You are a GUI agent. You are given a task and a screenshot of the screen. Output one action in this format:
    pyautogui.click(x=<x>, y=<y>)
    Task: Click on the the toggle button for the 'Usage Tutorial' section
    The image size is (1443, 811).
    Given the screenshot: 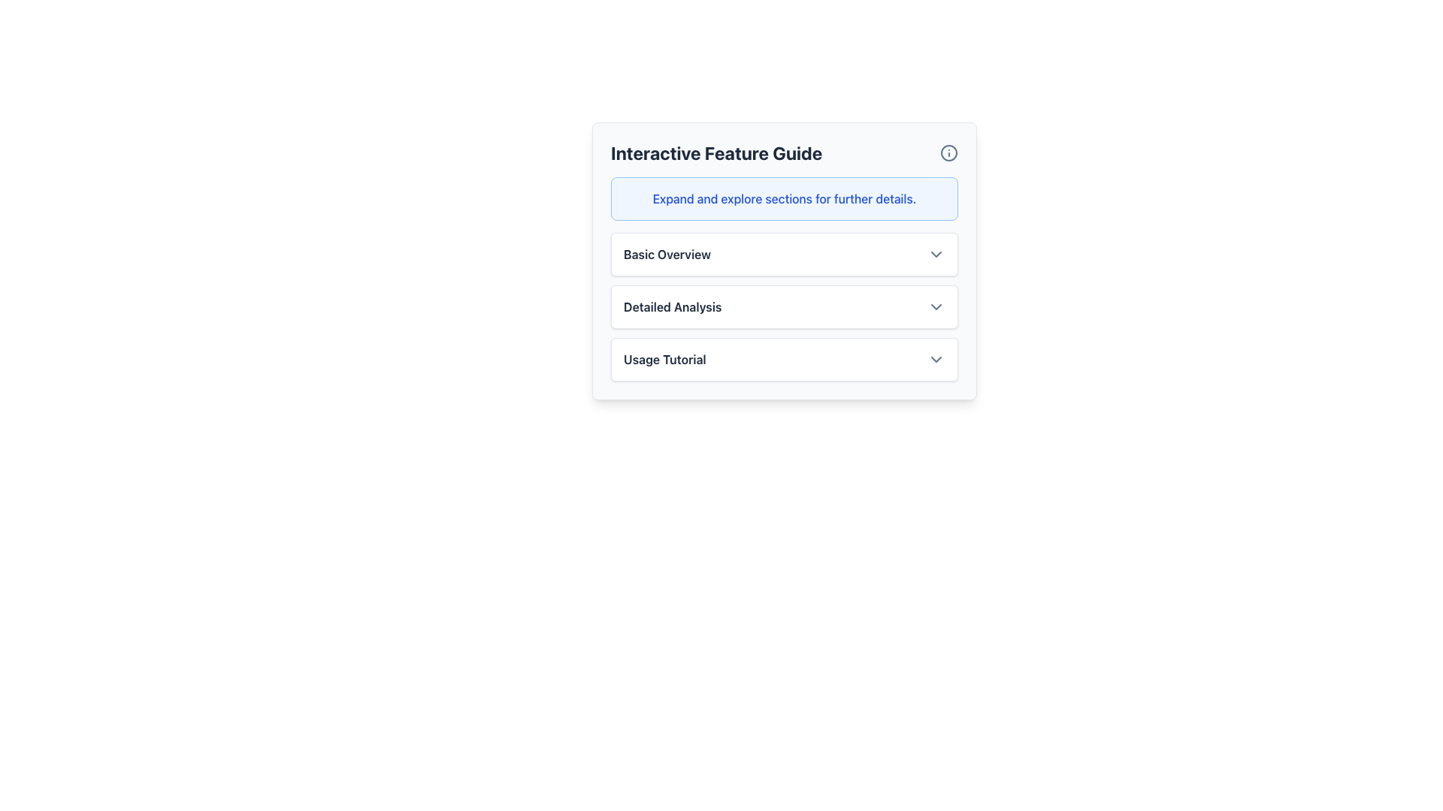 What is the action you would take?
    pyautogui.click(x=936, y=359)
    